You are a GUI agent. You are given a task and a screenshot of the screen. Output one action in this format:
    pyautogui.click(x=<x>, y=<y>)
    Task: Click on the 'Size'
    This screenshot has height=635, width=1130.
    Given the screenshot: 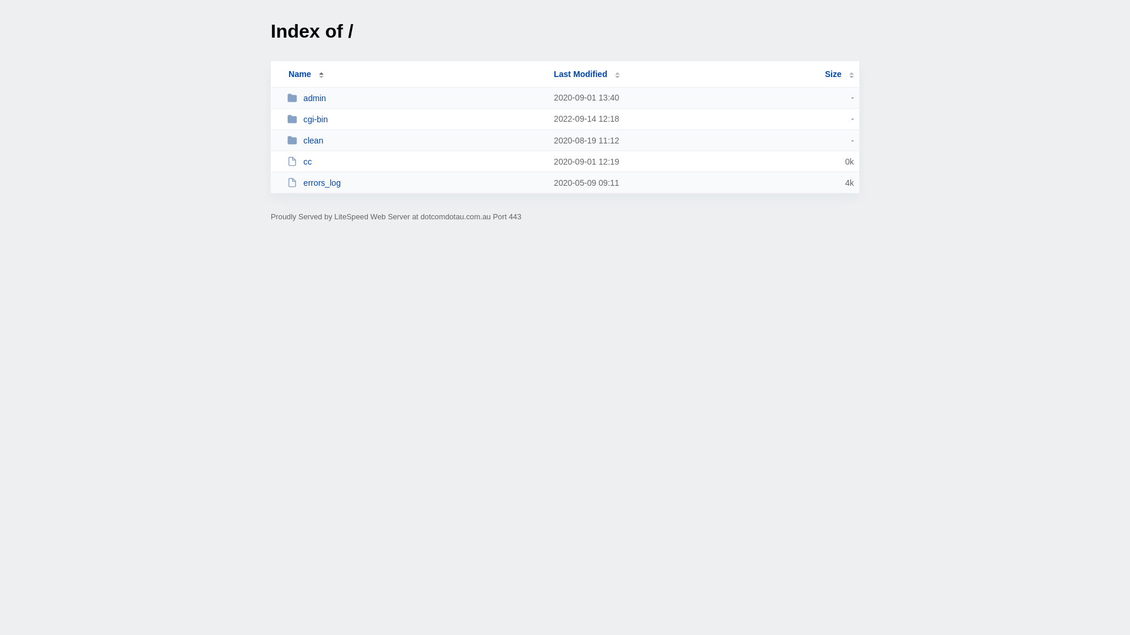 What is the action you would take?
    pyautogui.click(x=839, y=74)
    